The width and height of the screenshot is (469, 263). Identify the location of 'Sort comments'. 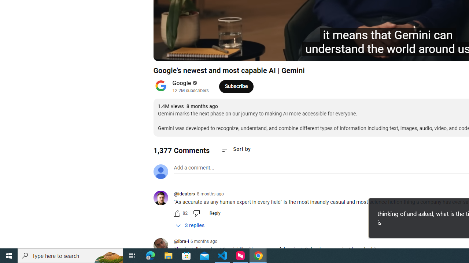
(236, 149).